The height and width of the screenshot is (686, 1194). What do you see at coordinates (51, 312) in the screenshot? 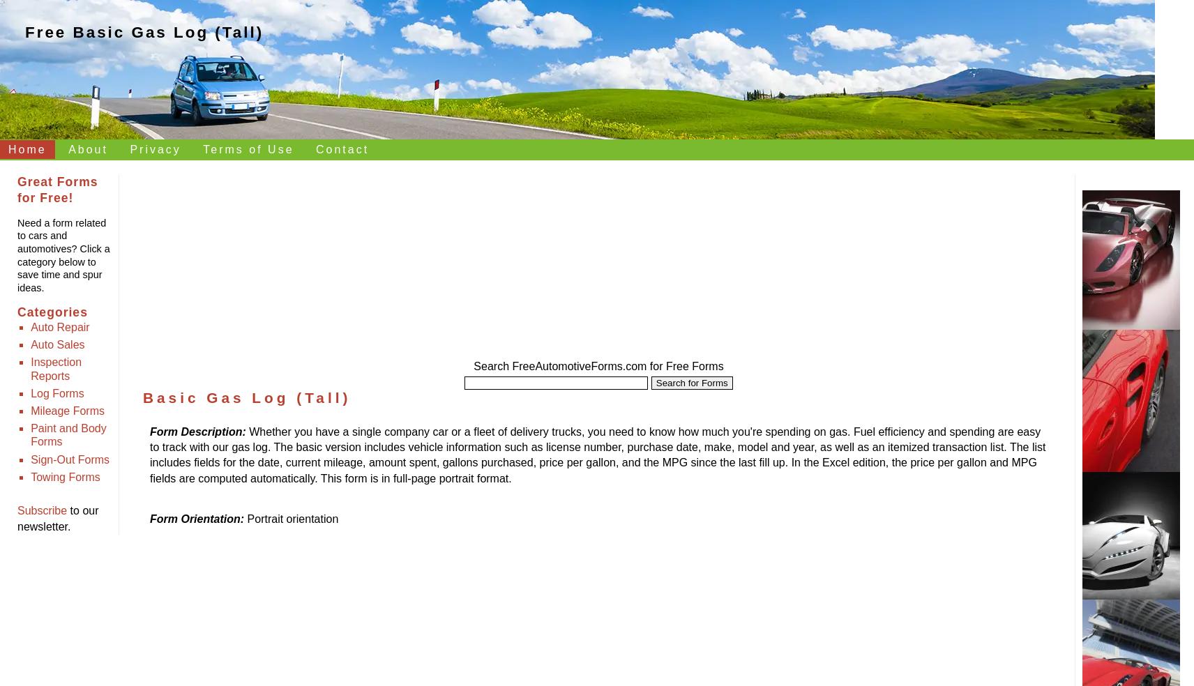
I see `'Categories'` at bounding box center [51, 312].